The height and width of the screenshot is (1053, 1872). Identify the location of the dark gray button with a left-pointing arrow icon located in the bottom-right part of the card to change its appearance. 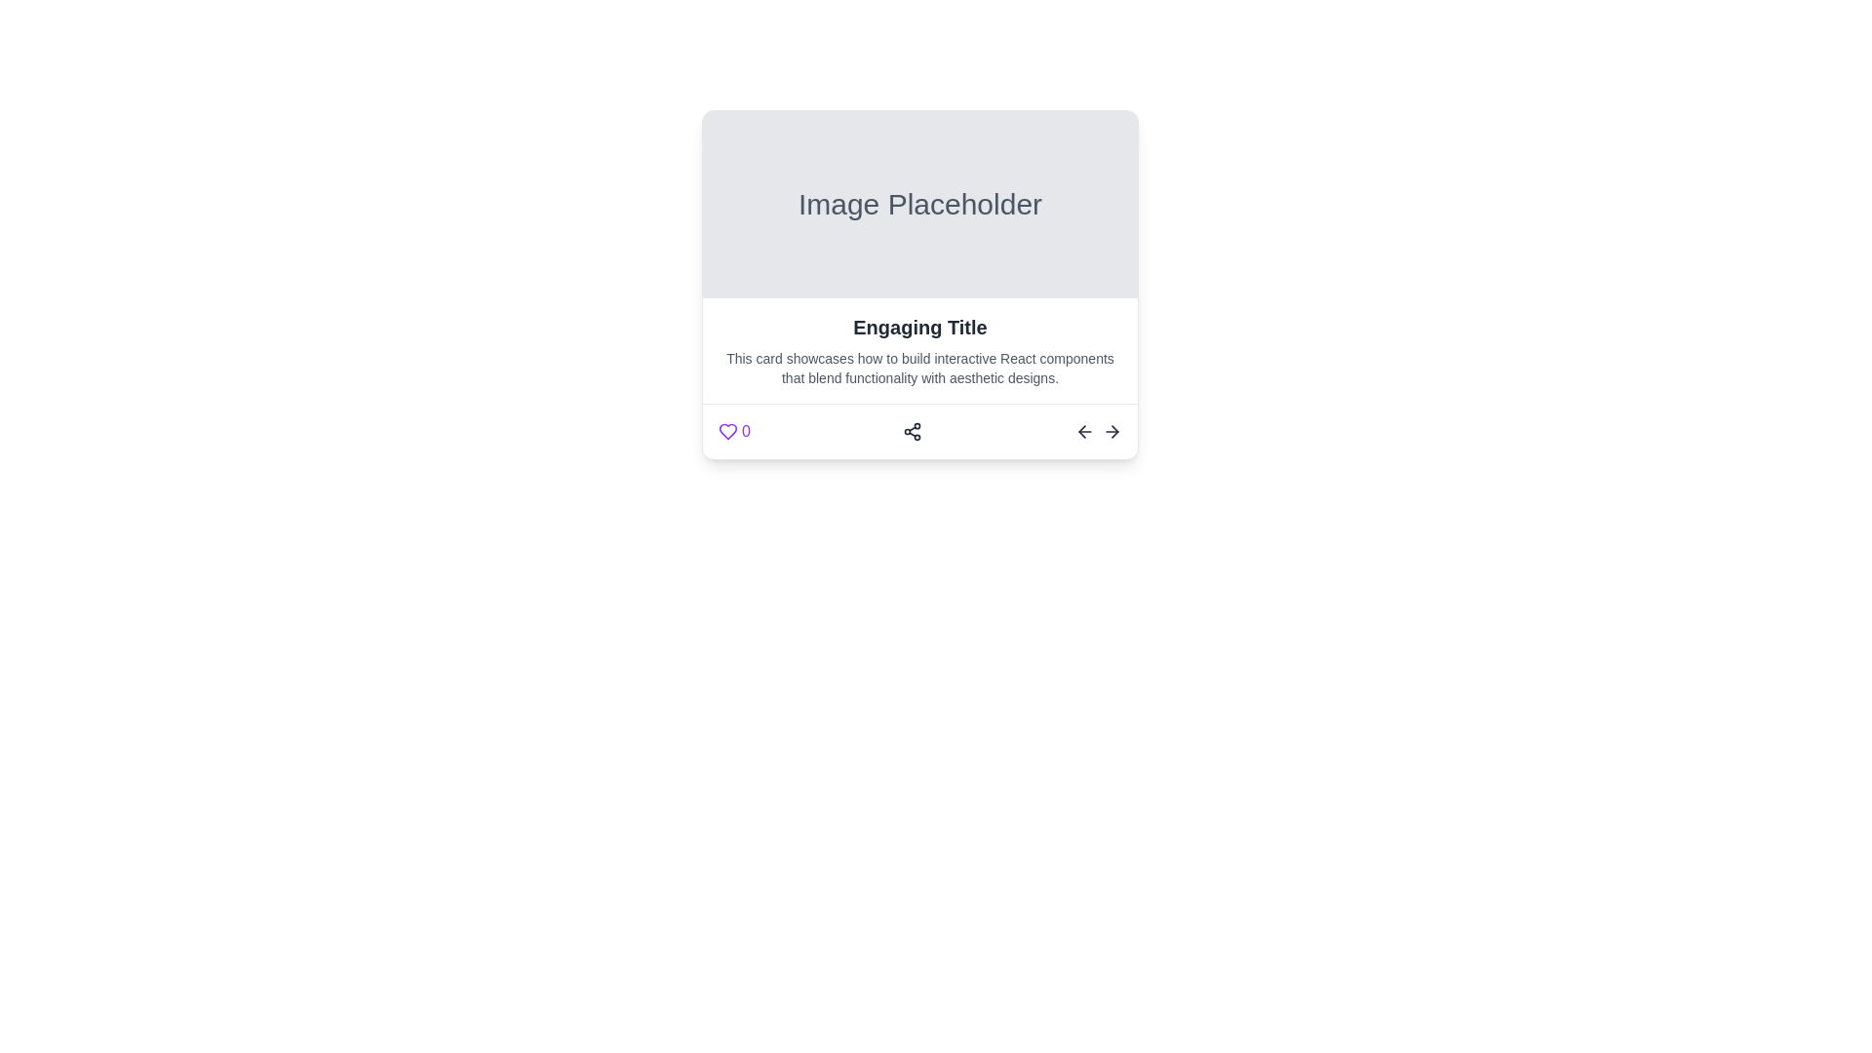
(1084, 431).